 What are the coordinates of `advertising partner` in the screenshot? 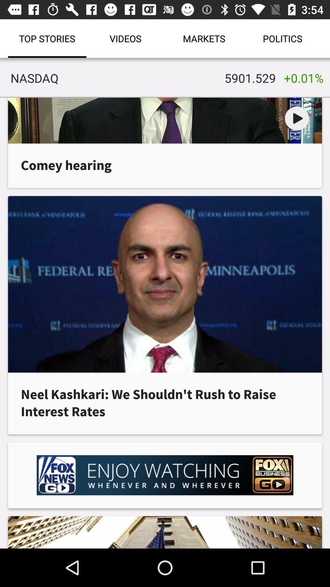 It's located at (165, 475).